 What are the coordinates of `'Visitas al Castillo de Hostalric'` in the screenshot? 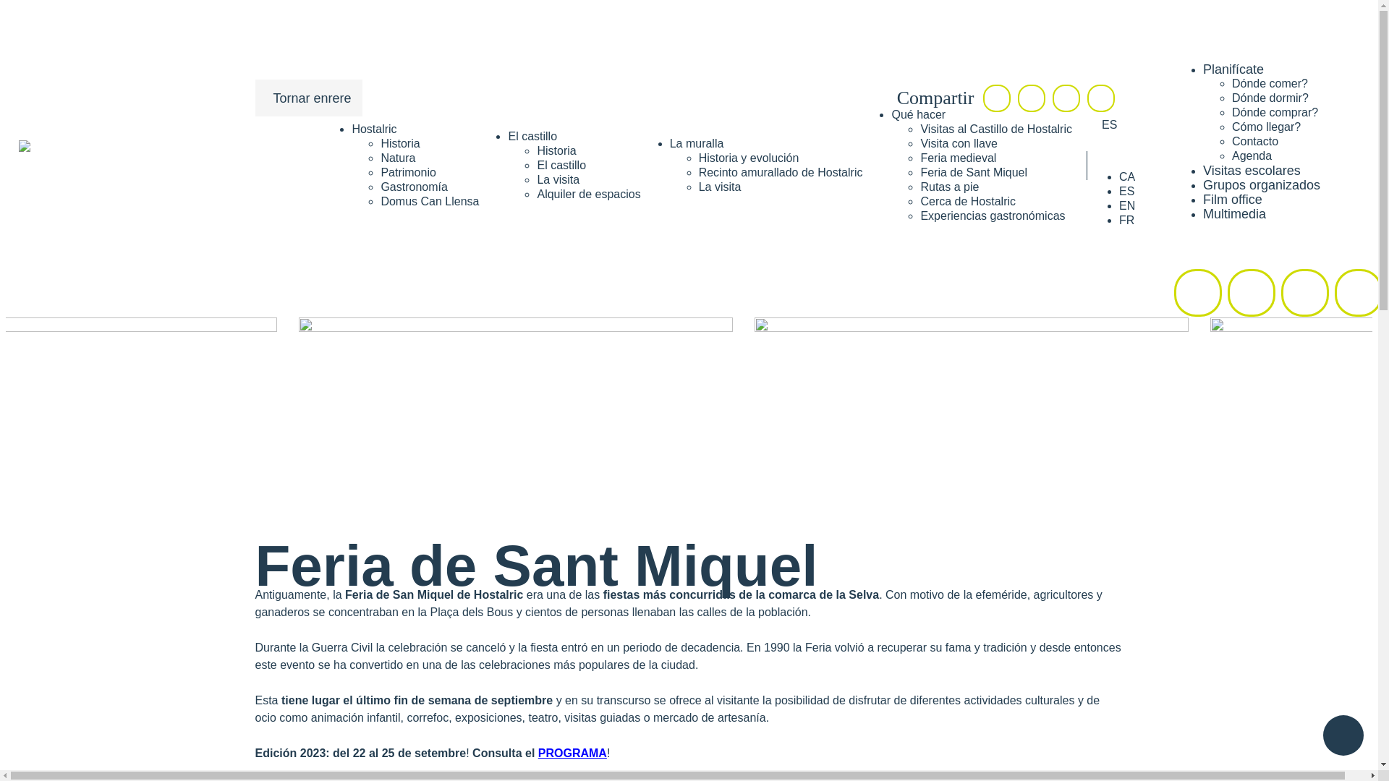 It's located at (919, 128).